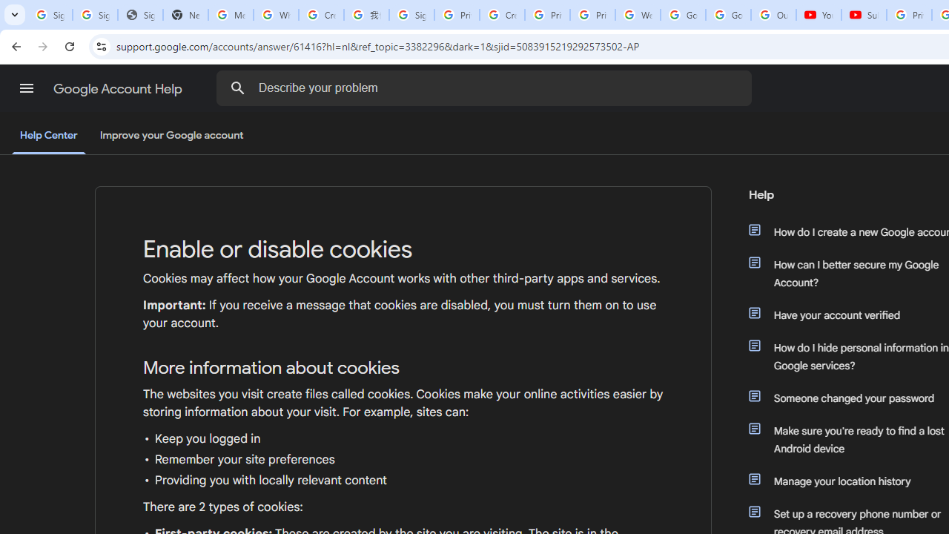  I want to click on 'Search the Help Center', so click(237, 88).